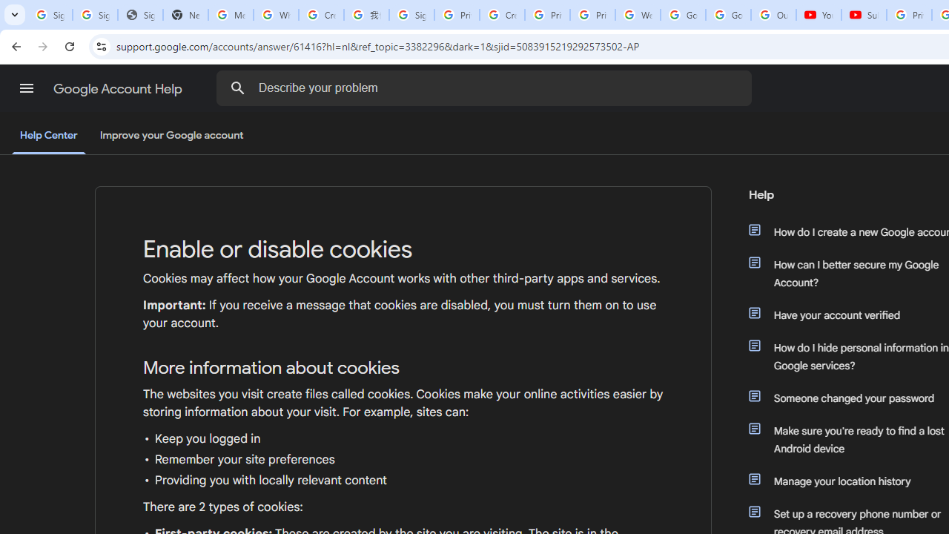  I want to click on 'Search the Help Center', so click(237, 88).